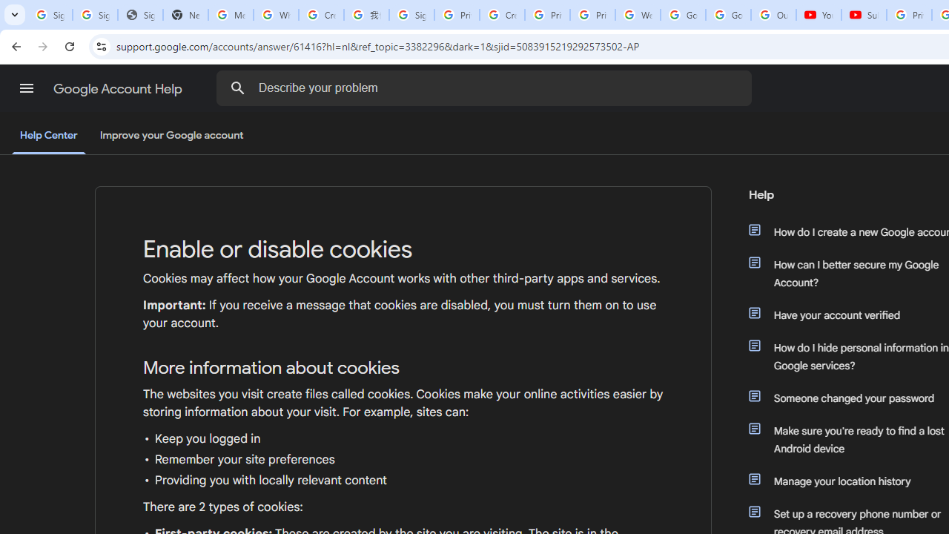  I want to click on 'Search the Help Center', so click(237, 88).